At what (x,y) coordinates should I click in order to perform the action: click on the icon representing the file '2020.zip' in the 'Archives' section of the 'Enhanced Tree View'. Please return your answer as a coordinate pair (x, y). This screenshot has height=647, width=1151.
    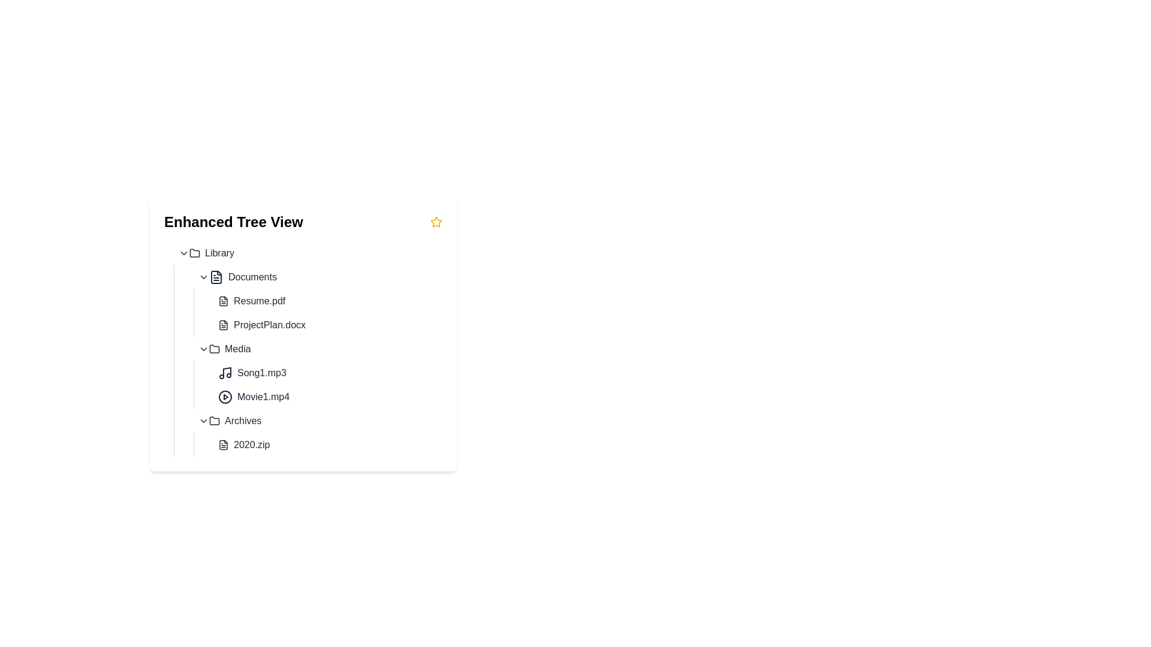
    Looking at the image, I should click on (224, 445).